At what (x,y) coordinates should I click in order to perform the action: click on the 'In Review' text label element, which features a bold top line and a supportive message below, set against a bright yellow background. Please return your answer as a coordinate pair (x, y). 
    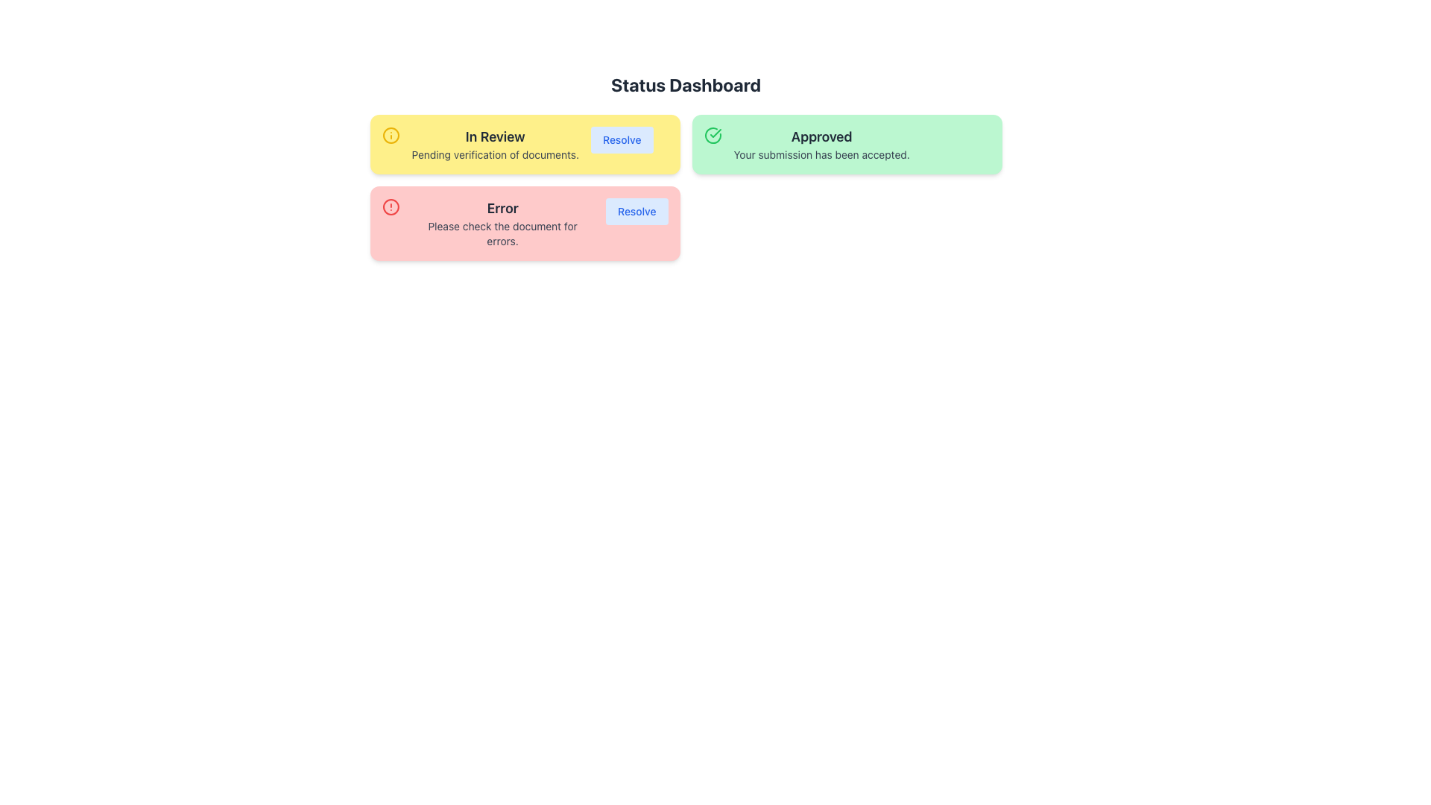
    Looking at the image, I should click on (495, 144).